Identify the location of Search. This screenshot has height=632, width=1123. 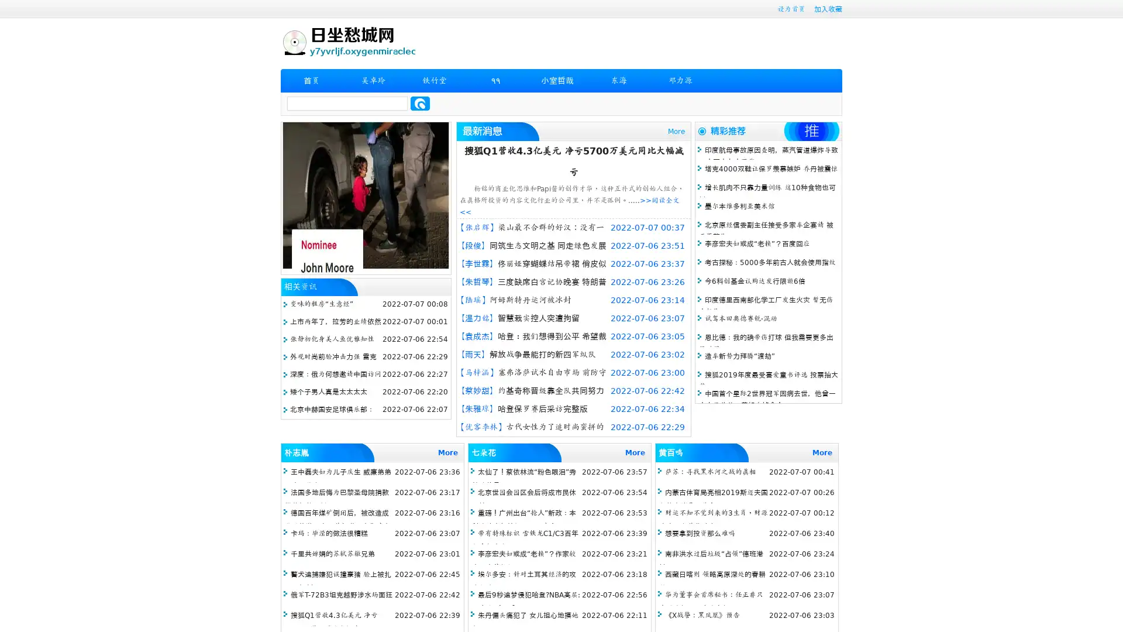
(420, 103).